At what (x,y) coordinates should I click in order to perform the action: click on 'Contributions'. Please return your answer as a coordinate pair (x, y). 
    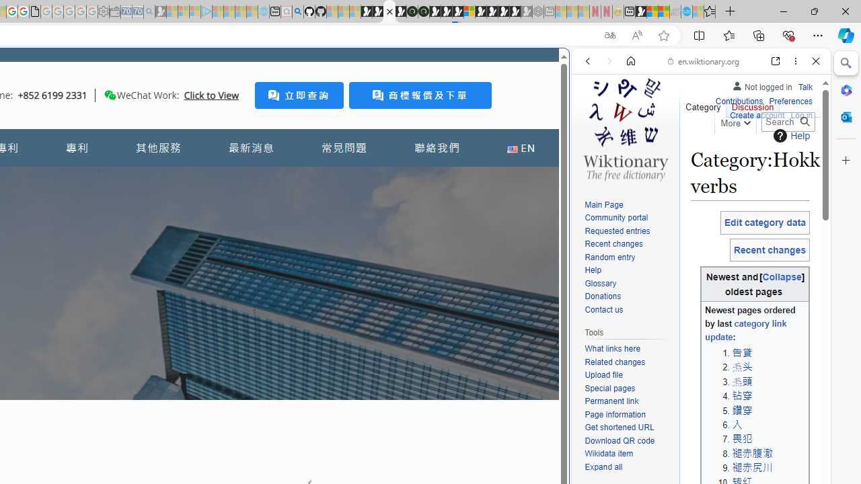
    Looking at the image, I should click on (738, 99).